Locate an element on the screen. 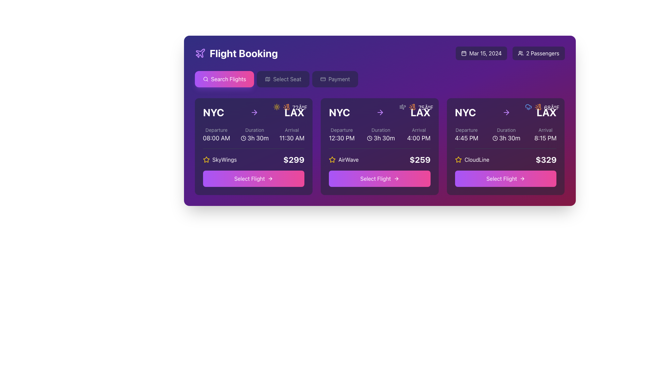 This screenshot has height=367, width=653. the travel information displayed in the middle travel option card, specifically focusing on the duration '3h 30m' accompanied by the clock icon is located at coordinates (379, 135).